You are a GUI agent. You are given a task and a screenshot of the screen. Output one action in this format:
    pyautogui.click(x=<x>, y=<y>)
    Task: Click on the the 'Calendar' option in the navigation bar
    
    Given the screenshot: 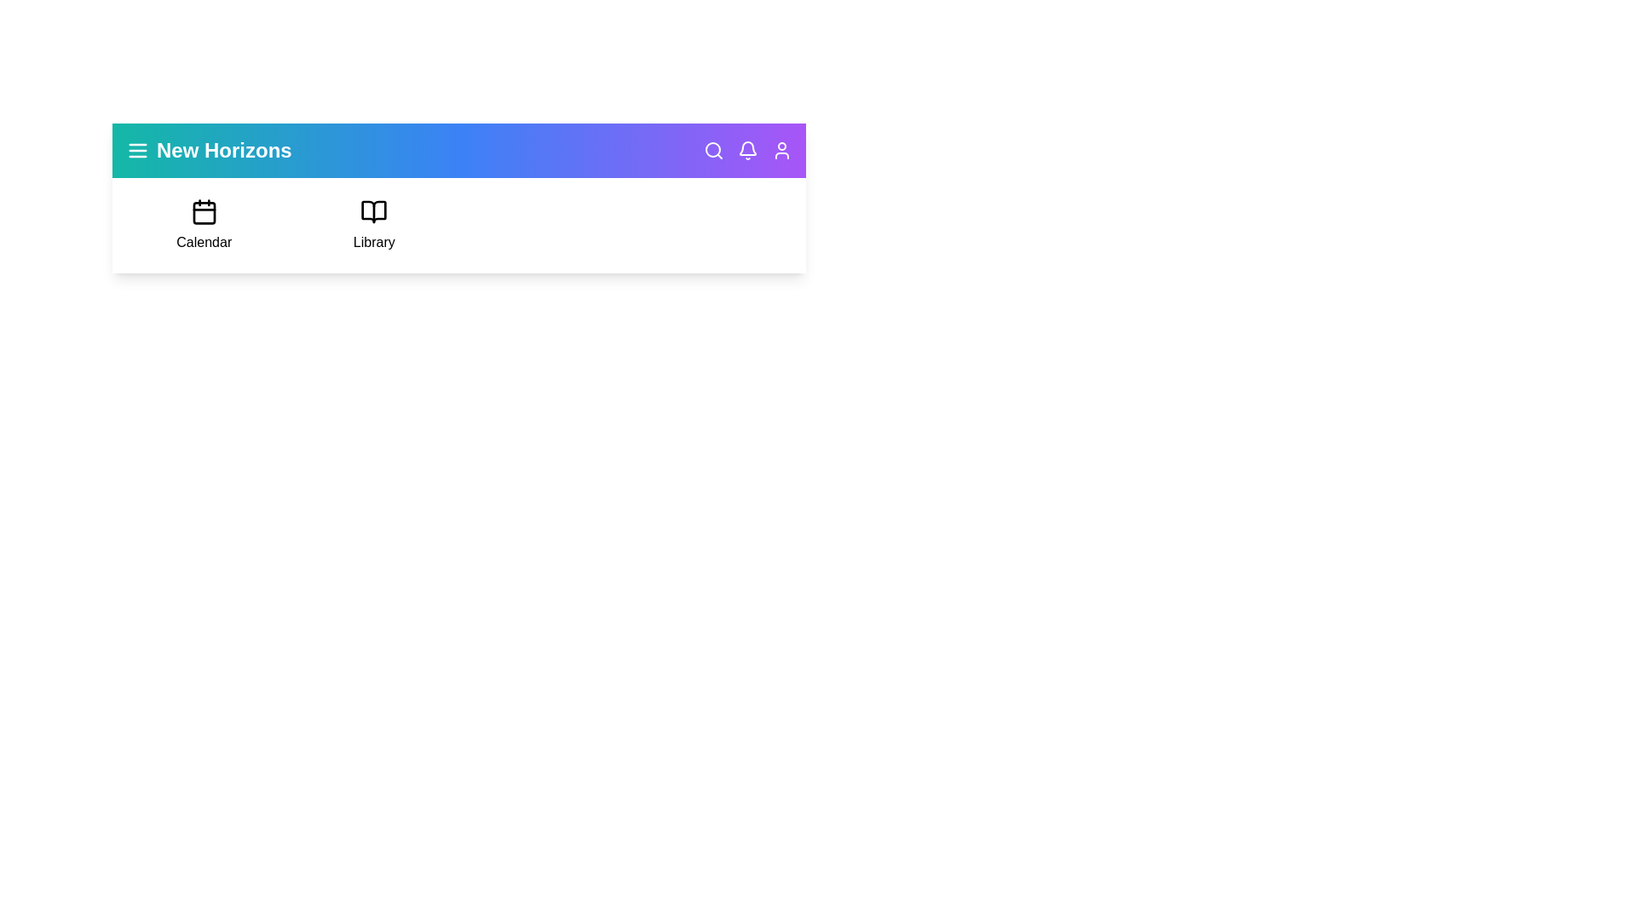 What is the action you would take?
    pyautogui.click(x=204, y=225)
    